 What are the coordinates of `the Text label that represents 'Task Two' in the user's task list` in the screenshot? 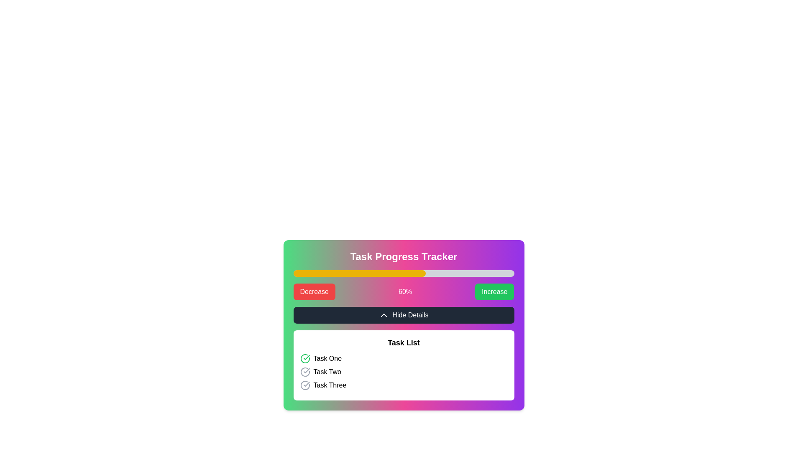 It's located at (327, 372).